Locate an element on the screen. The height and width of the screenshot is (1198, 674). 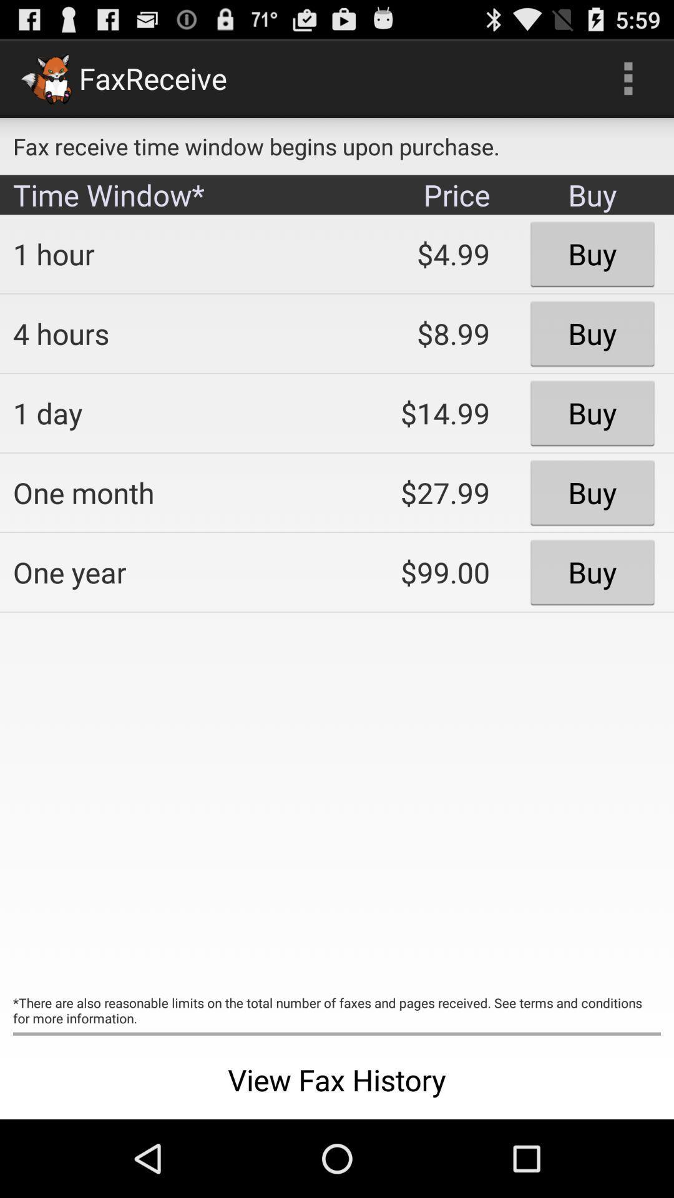
the 1 day icon is located at coordinates (165, 413).